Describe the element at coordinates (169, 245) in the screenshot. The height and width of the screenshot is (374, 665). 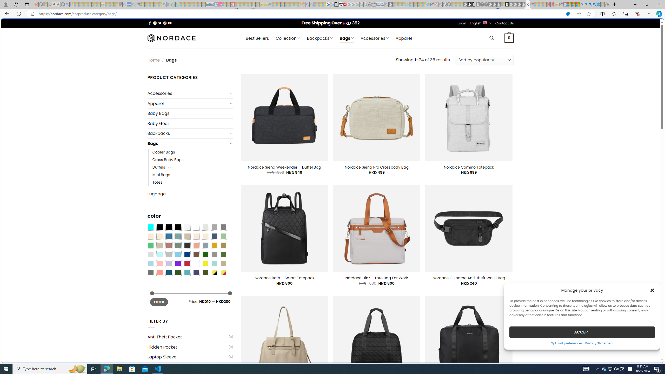
I see `'Rose'` at that location.